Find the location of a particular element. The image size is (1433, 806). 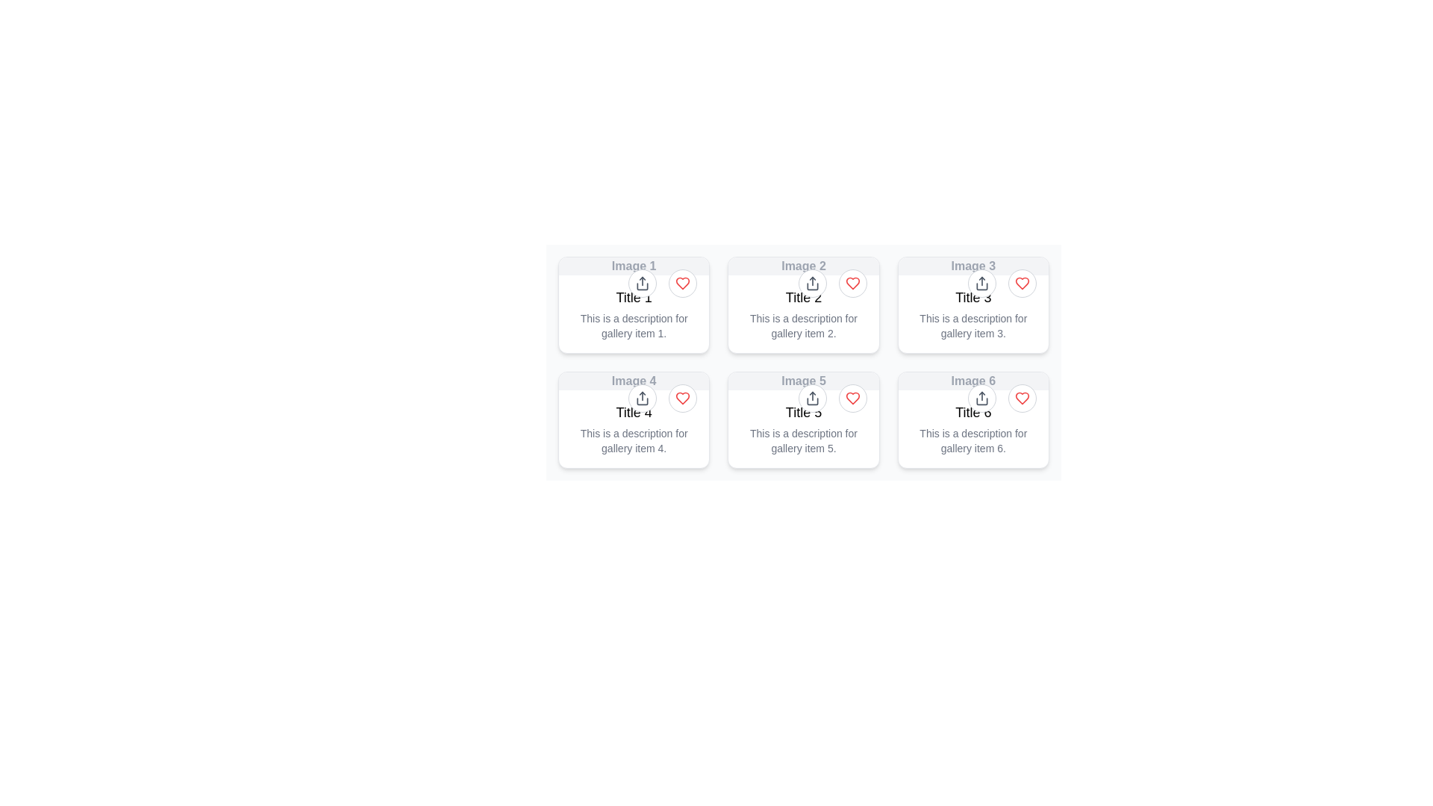

the heart-shaped icon with a red stroke located in the bottom-right rectangular card labeled 'Image 6' is located at coordinates (1021, 397).